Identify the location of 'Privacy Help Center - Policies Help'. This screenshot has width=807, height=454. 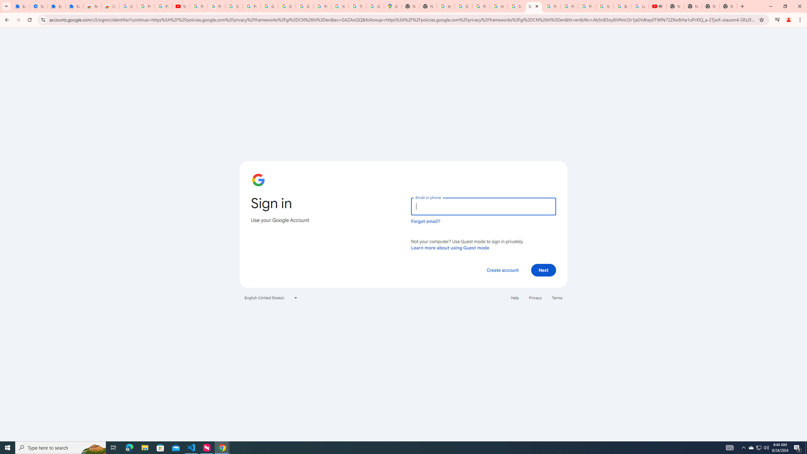
(551, 6).